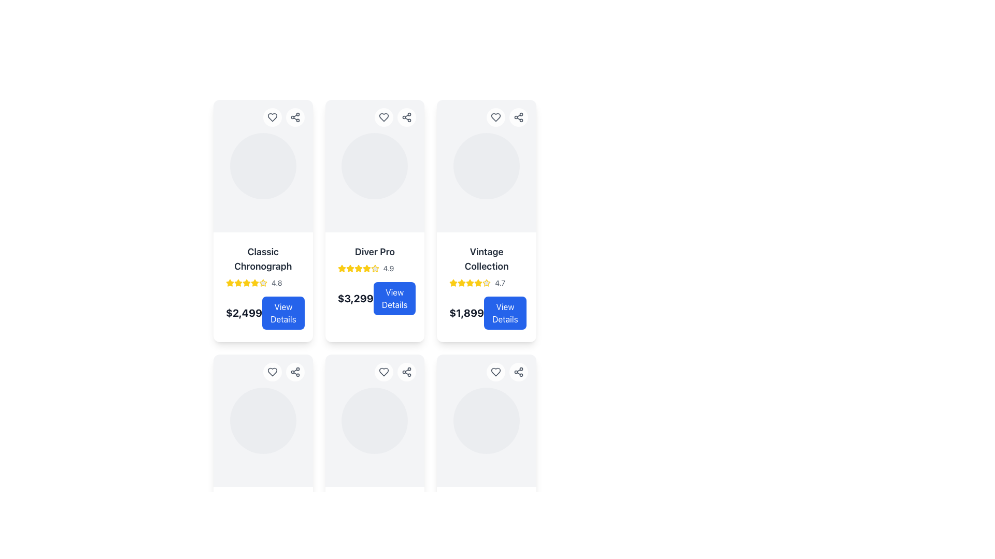 This screenshot has height=559, width=995. Describe the element at coordinates (495, 371) in the screenshot. I see `the heart icon button in the top-right corner of the card in the second row and third column of the grid layout to mark it as favorite` at that location.